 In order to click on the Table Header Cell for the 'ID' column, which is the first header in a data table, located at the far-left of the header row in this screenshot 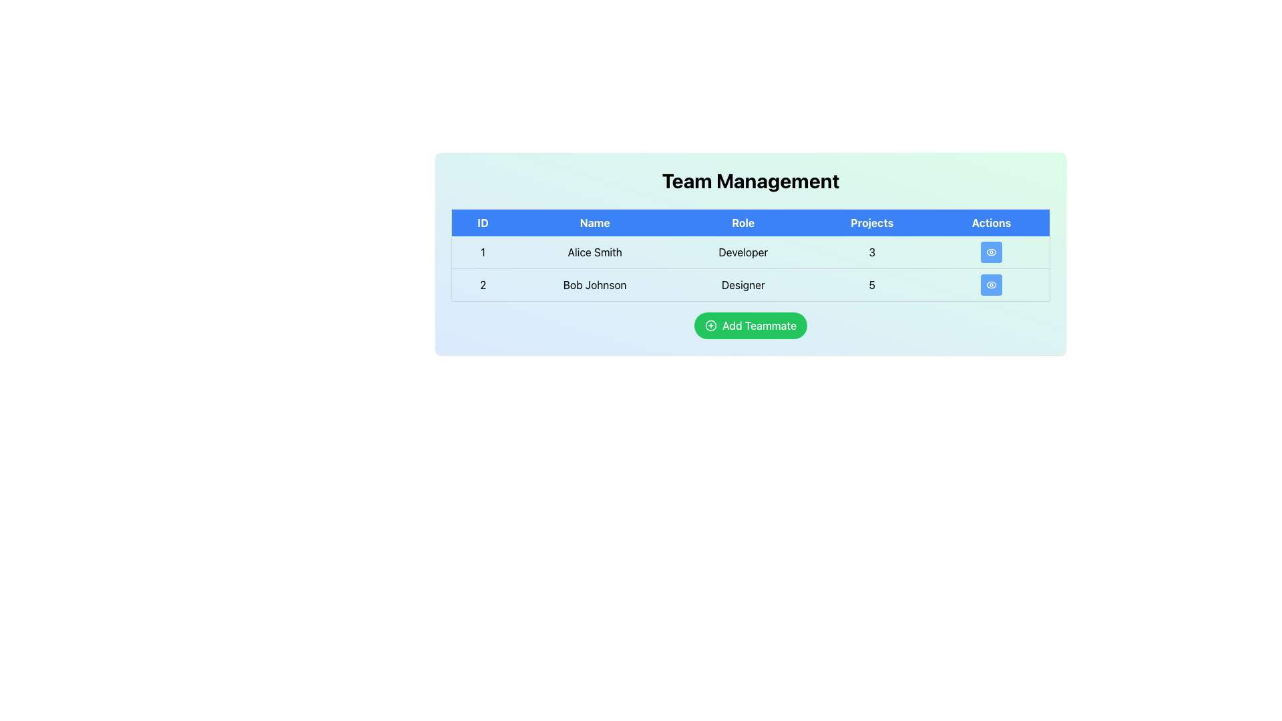, I will do `click(482, 222)`.